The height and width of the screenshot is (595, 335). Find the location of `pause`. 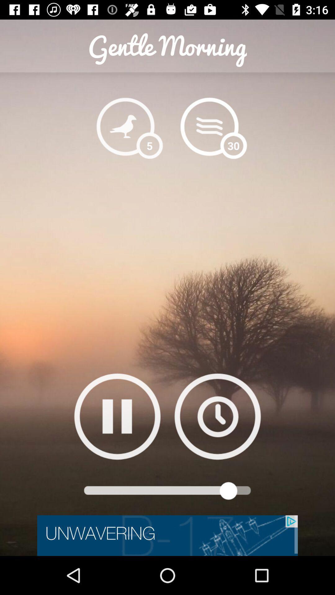

pause is located at coordinates (117, 416).